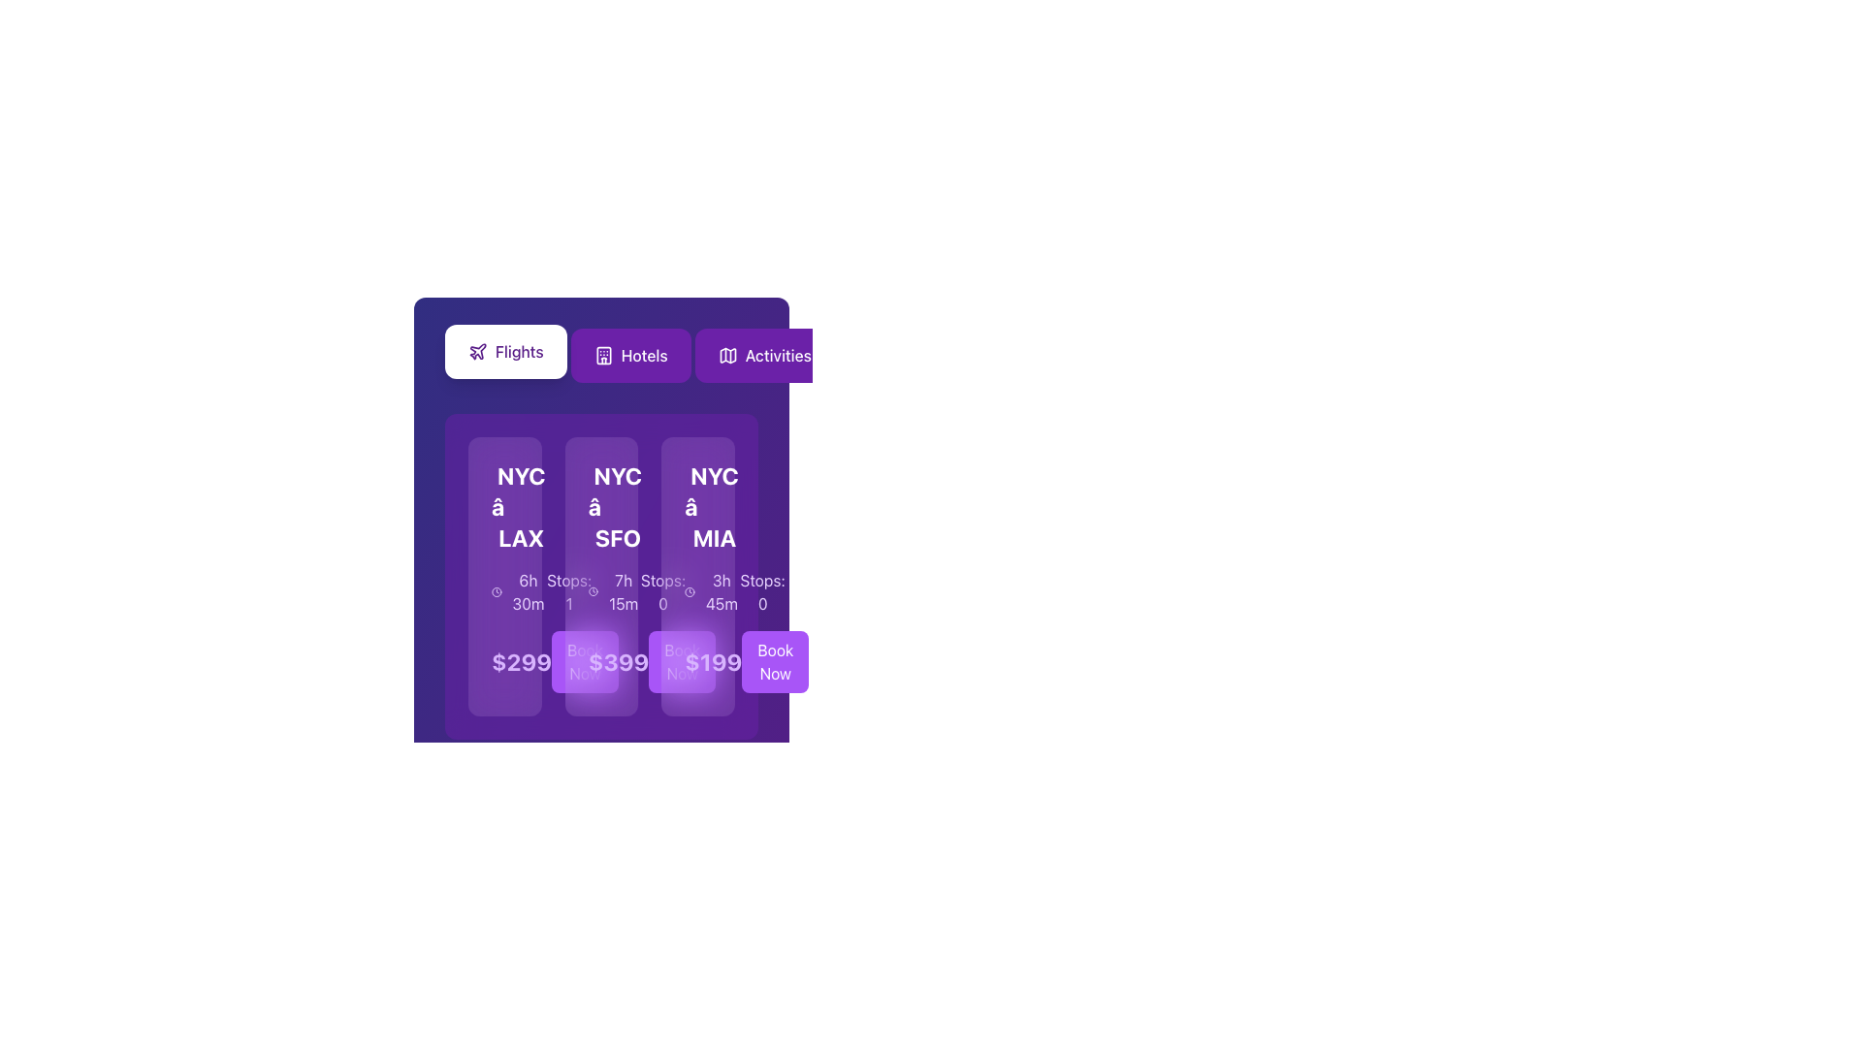 The width and height of the screenshot is (1862, 1047). I want to click on the outlined clock icon located at the beginning of the '3h 45m' text group in the lower section of the 'NYC to MIA' card, so click(690, 590).